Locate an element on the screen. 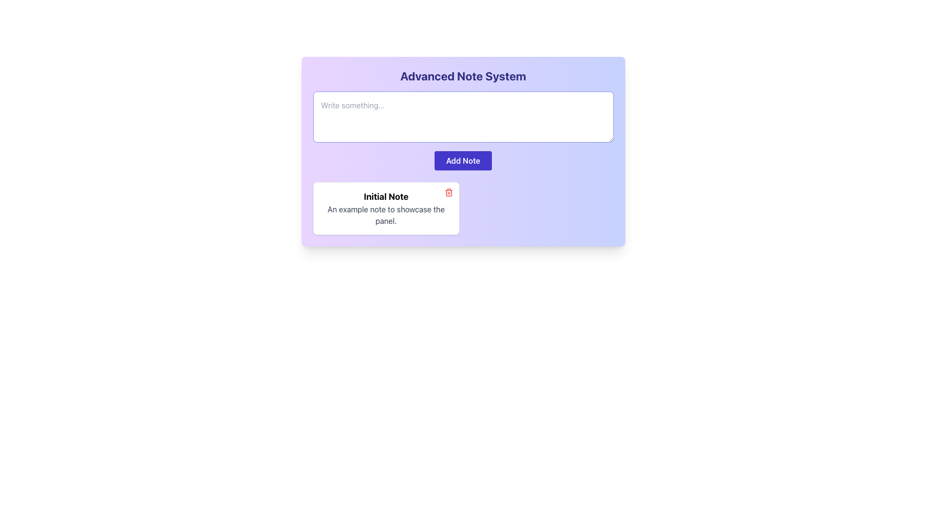 This screenshot has height=520, width=925. the 'Add Note' button located centrally below the text input field is located at coordinates (463, 160).